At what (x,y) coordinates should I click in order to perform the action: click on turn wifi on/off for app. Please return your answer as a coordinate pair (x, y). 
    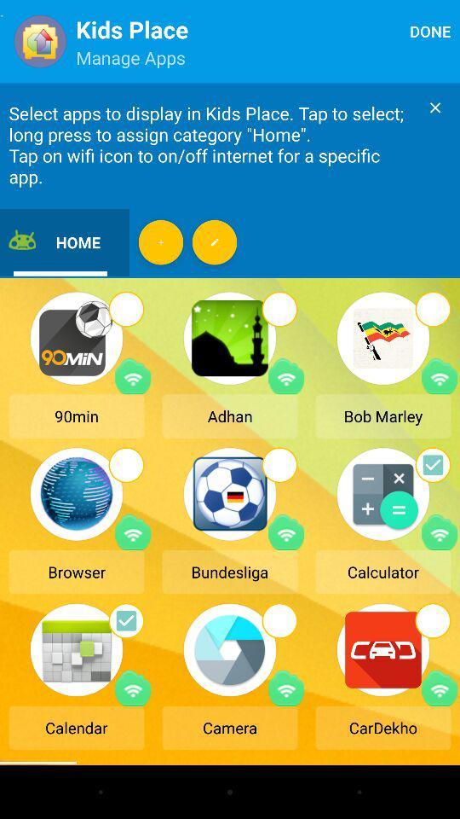
    Looking at the image, I should click on (440, 531).